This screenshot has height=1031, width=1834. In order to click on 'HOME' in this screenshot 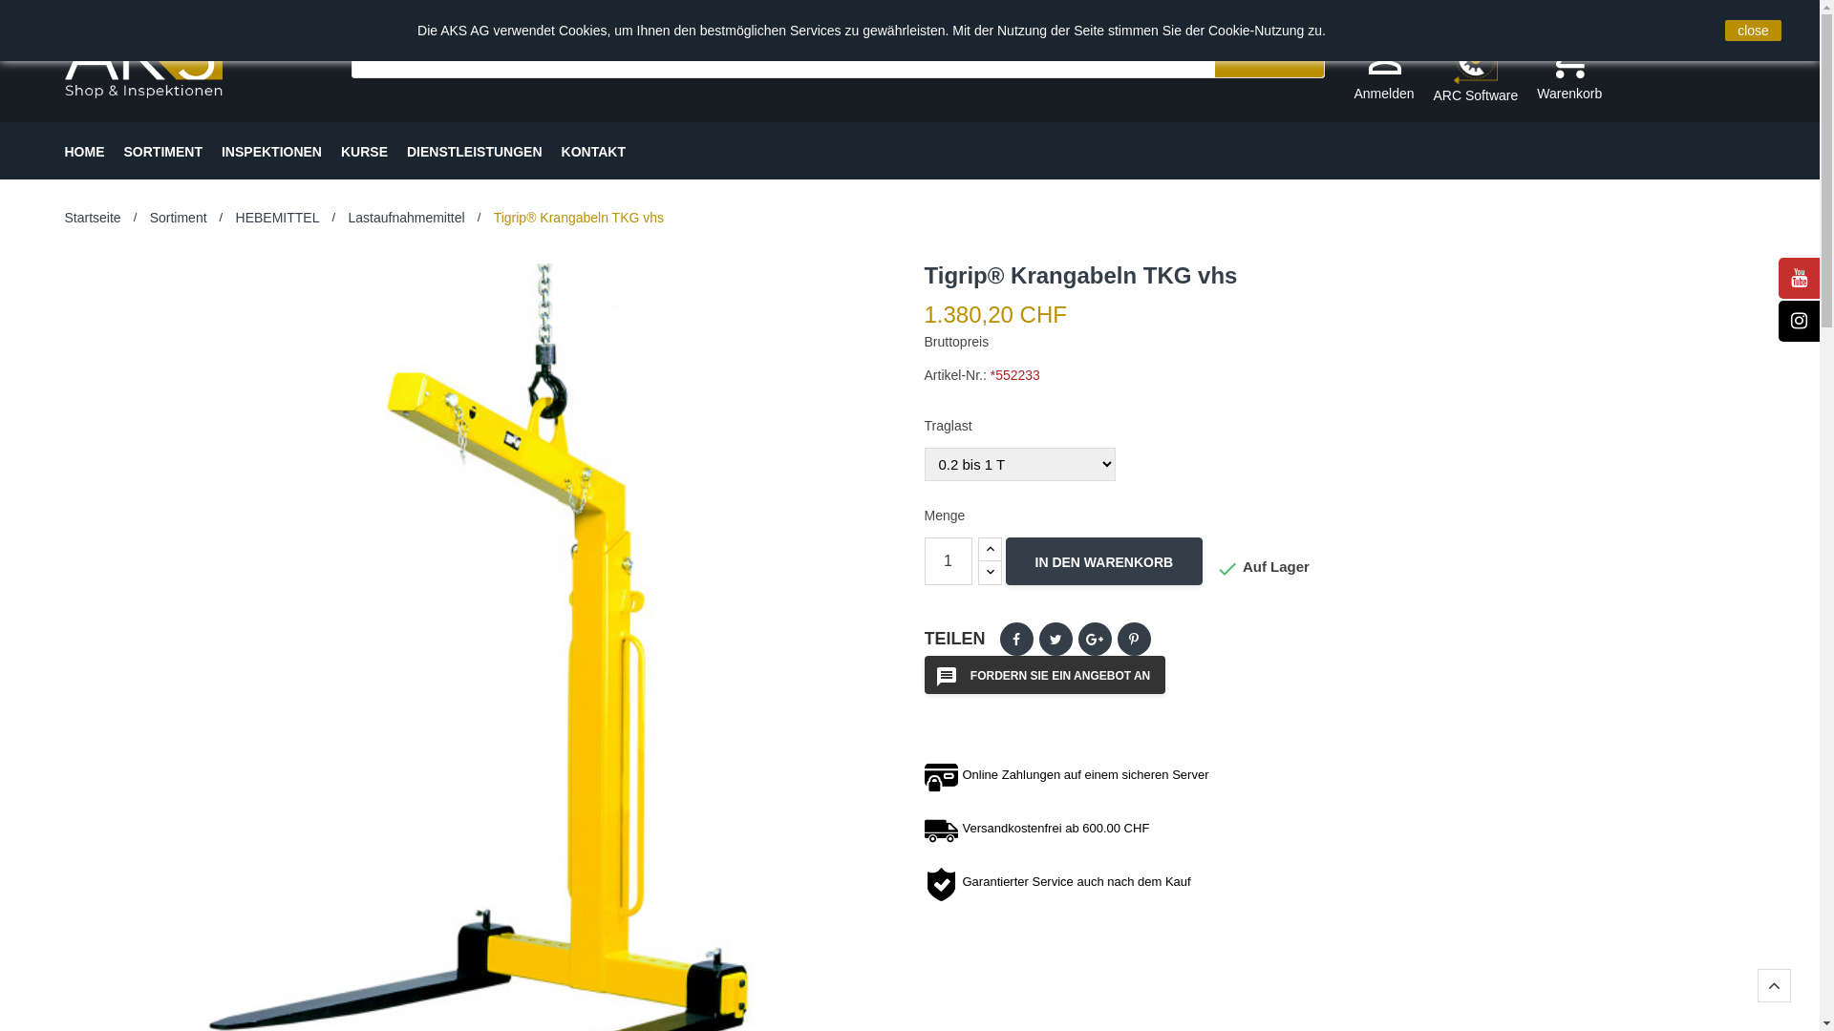, I will do `click(64, 150)`.